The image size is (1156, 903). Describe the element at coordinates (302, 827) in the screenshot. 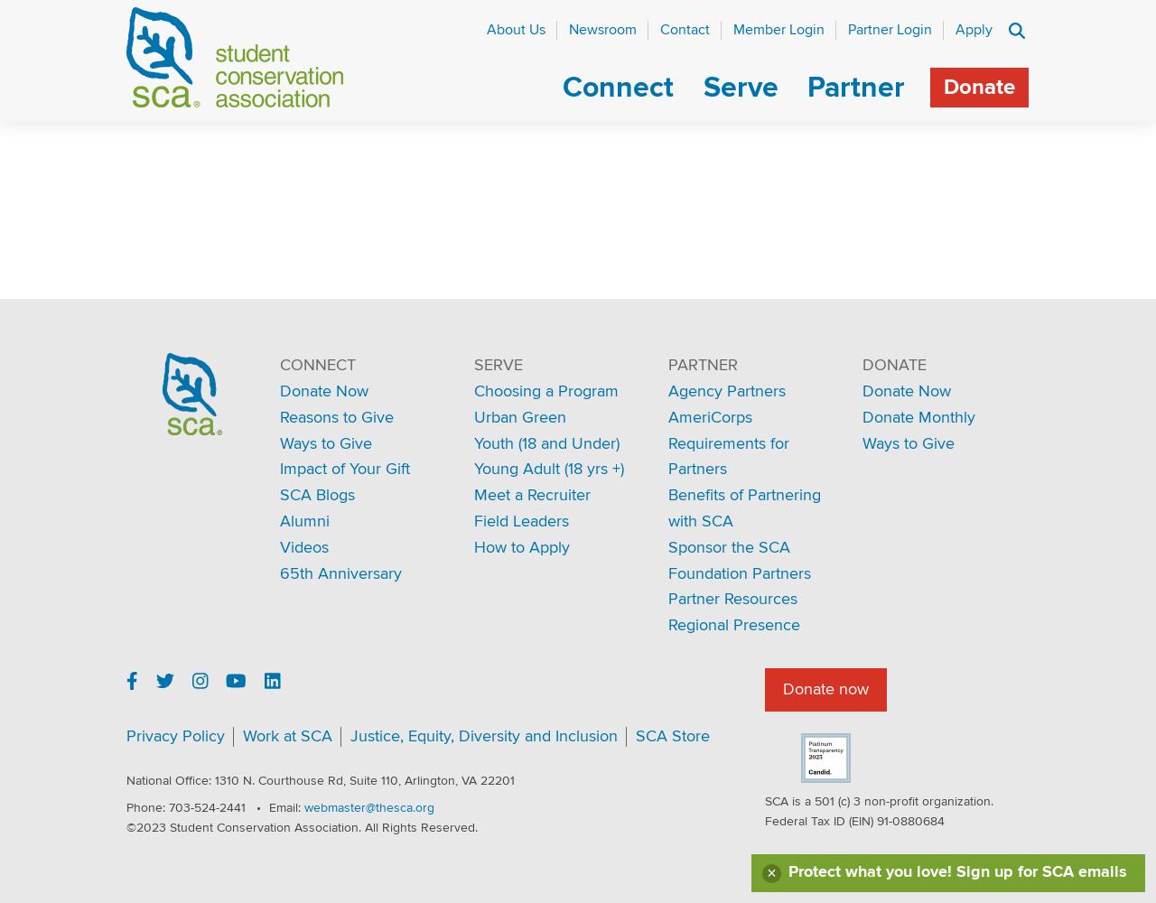

I see `'©2023 Student Conservation Association. All Rights Reserved.'` at that location.